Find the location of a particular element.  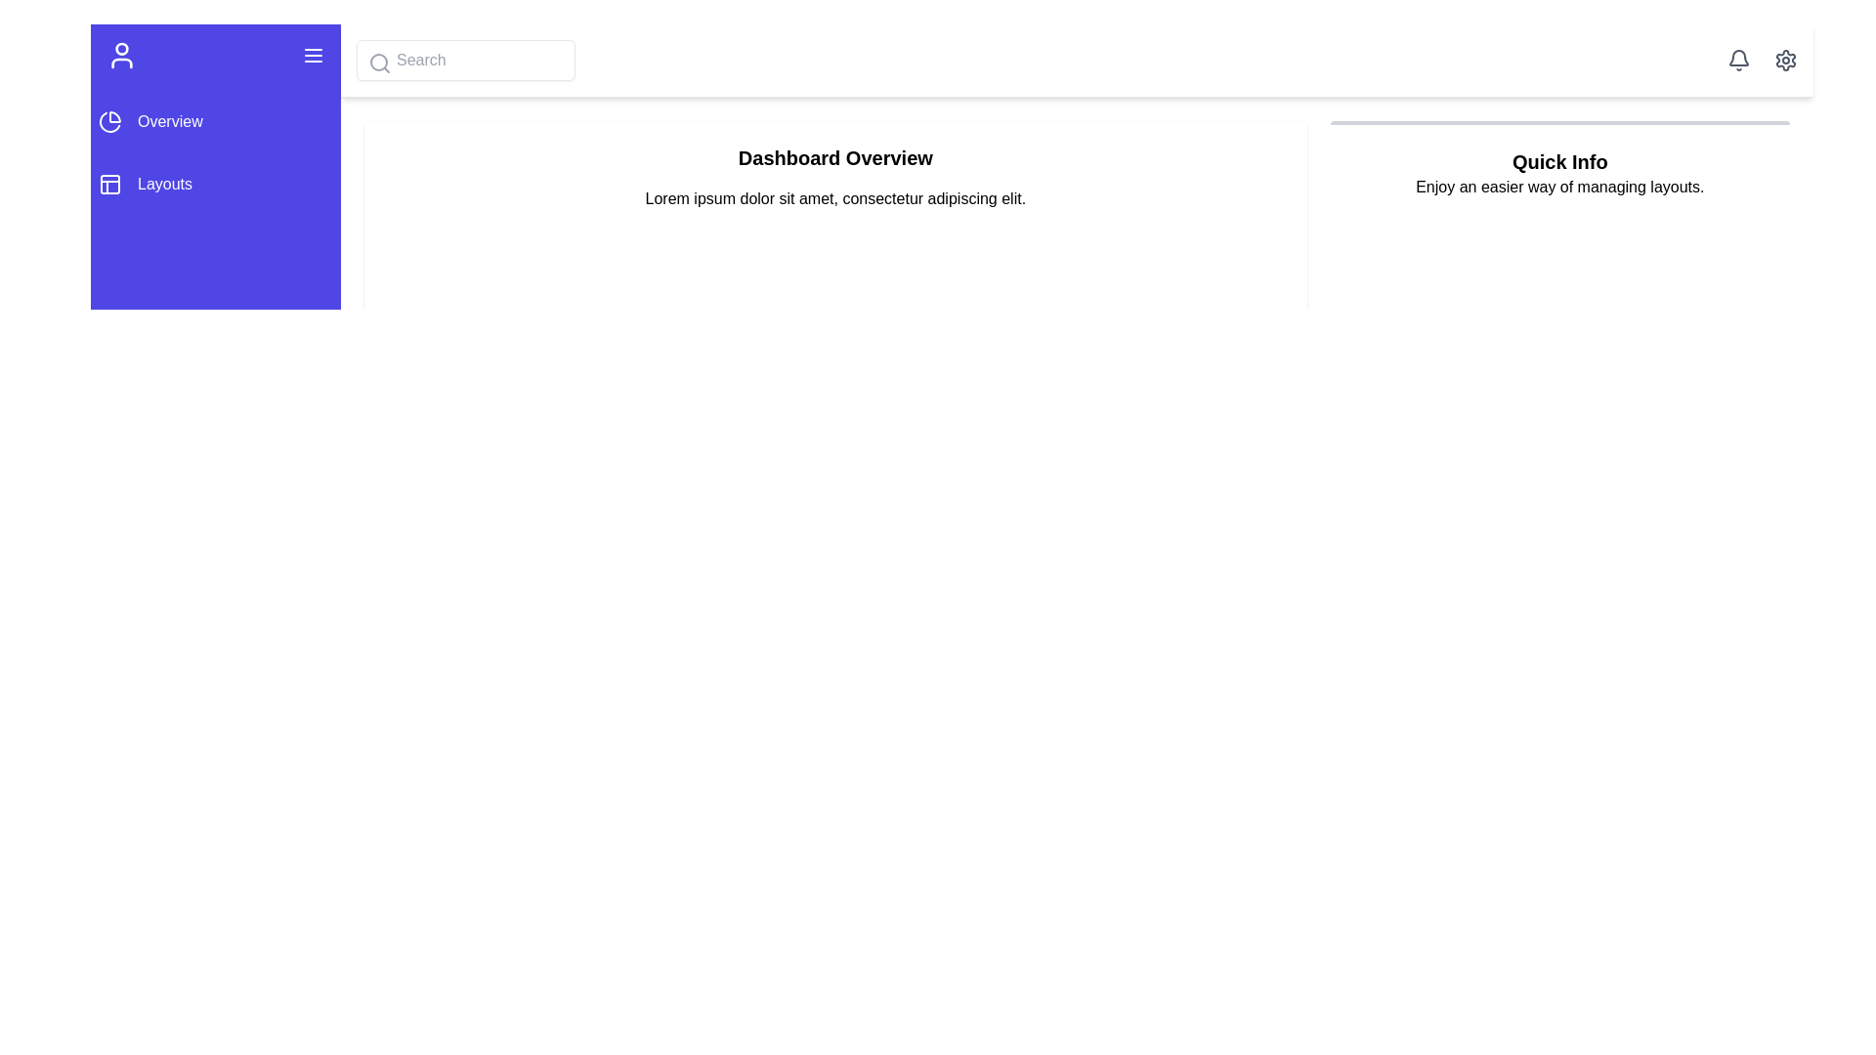

the pie chart icon located in the left sidebar near the top, which represents the 'Overview' section of the application is located at coordinates (109, 121).